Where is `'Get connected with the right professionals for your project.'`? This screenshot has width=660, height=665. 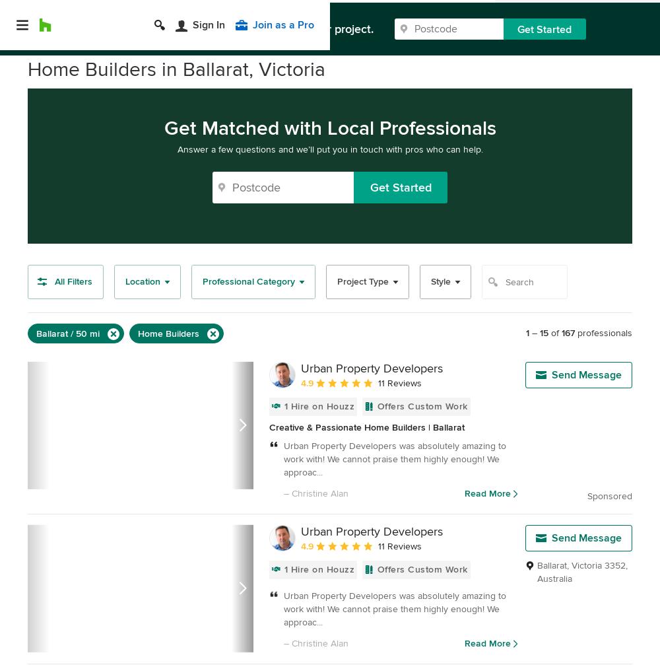
'Get connected with the right professionals for your project.' is located at coordinates (217, 22).